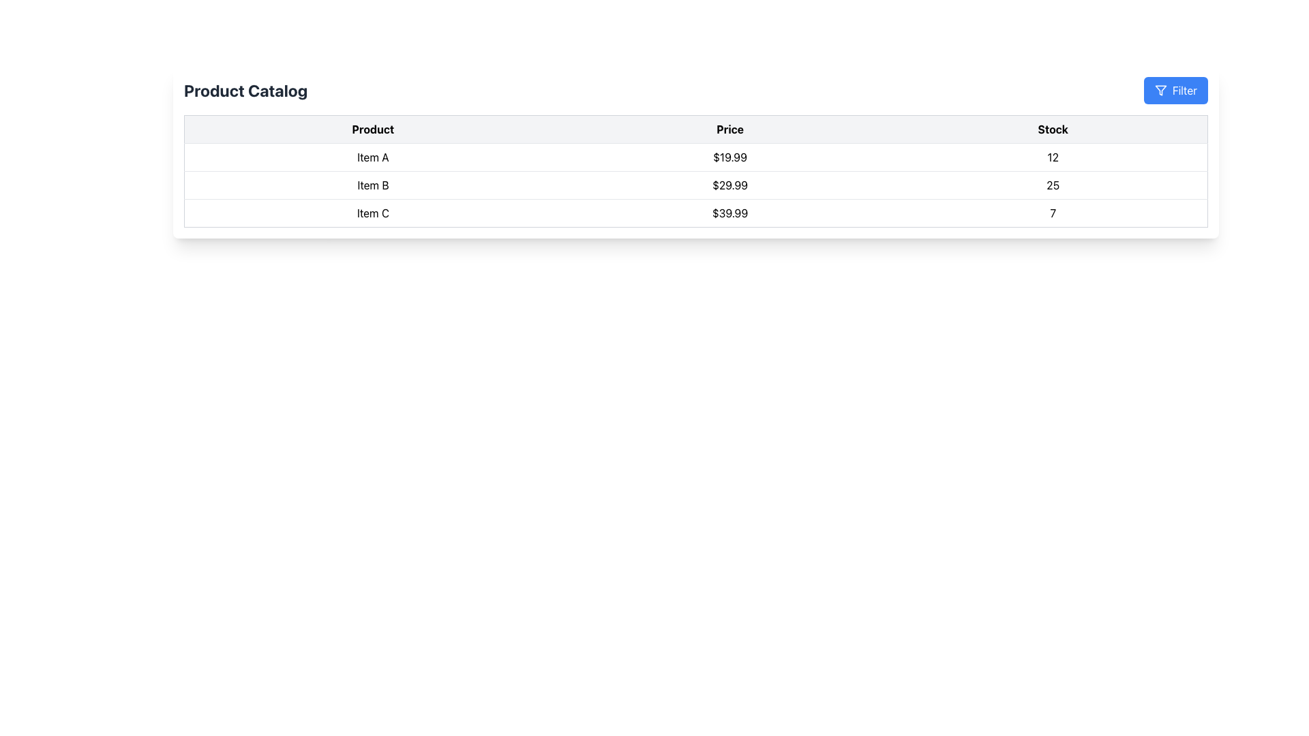 The height and width of the screenshot is (736, 1309). What do you see at coordinates (729, 213) in the screenshot?
I see `the Text Display element showing the price '$39.99' in the 'Price' column, which is located next to 'Item C' and before the value '7'` at bounding box center [729, 213].